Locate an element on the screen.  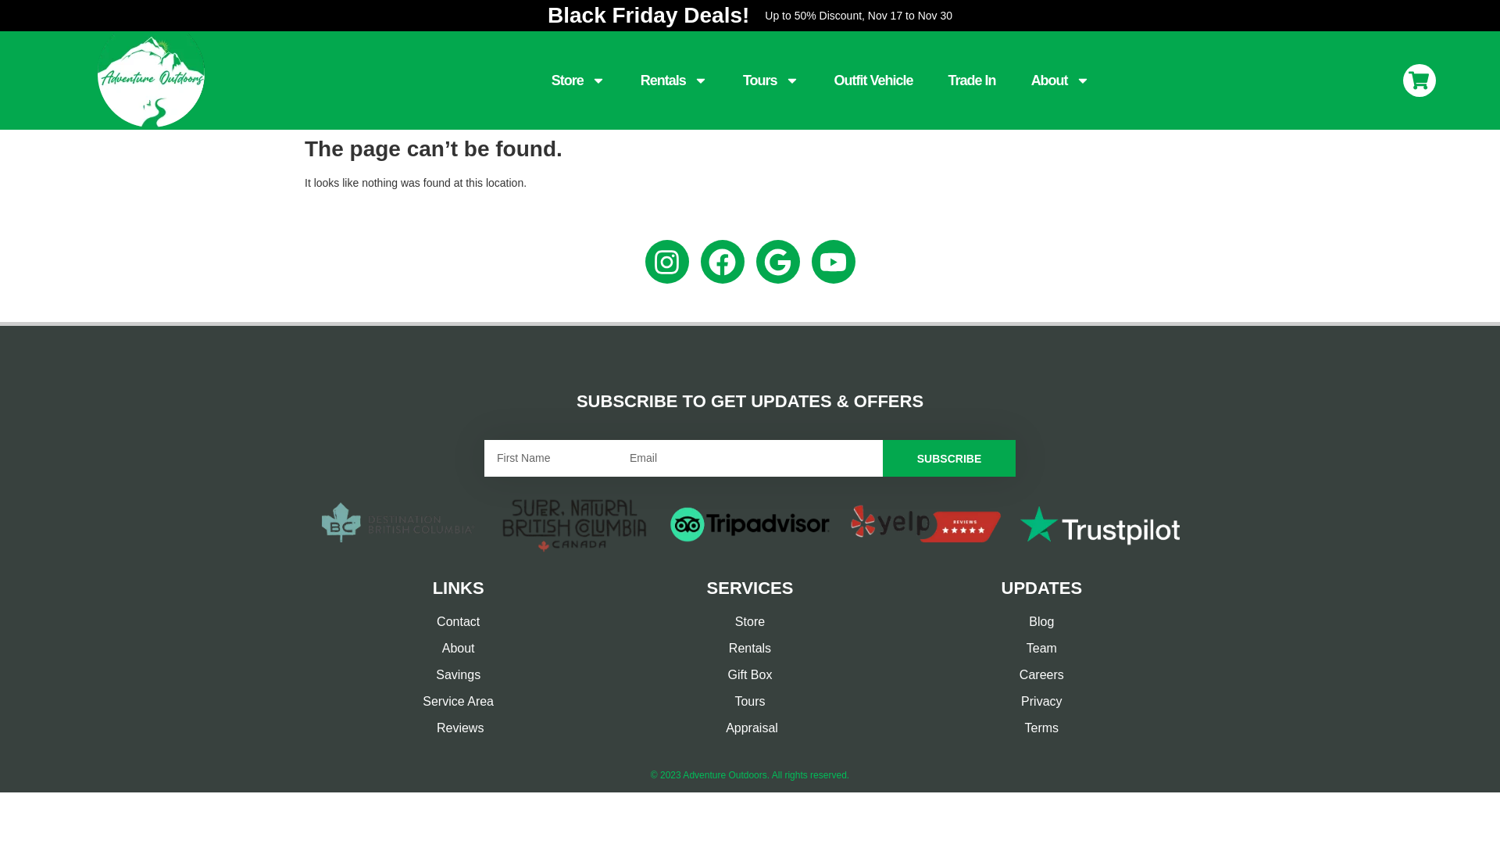
'Gift Box' is located at coordinates (748, 674).